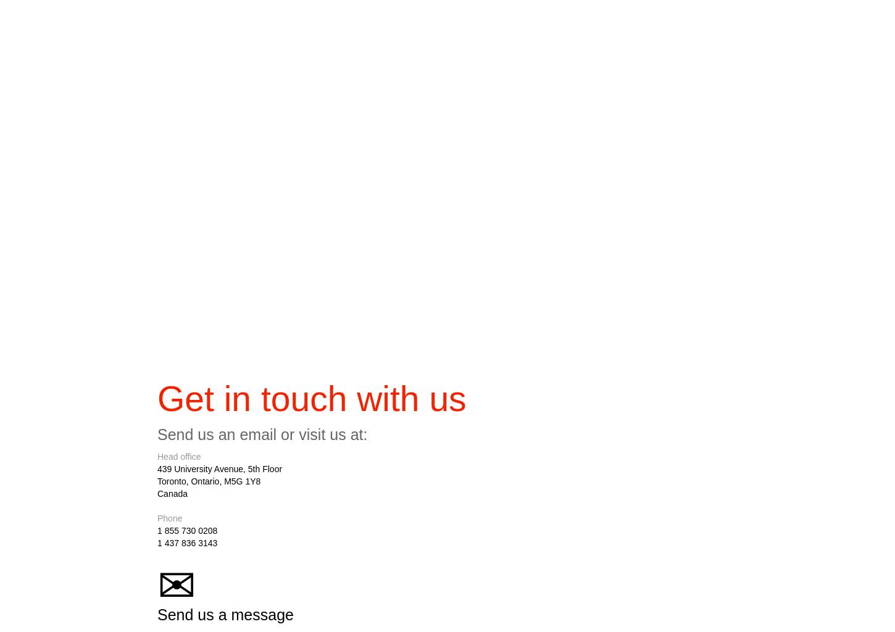 Image resolution: width=895 pixels, height=632 pixels. What do you see at coordinates (157, 546) in the screenshot?
I see `'1 437 836 3143'` at bounding box center [157, 546].